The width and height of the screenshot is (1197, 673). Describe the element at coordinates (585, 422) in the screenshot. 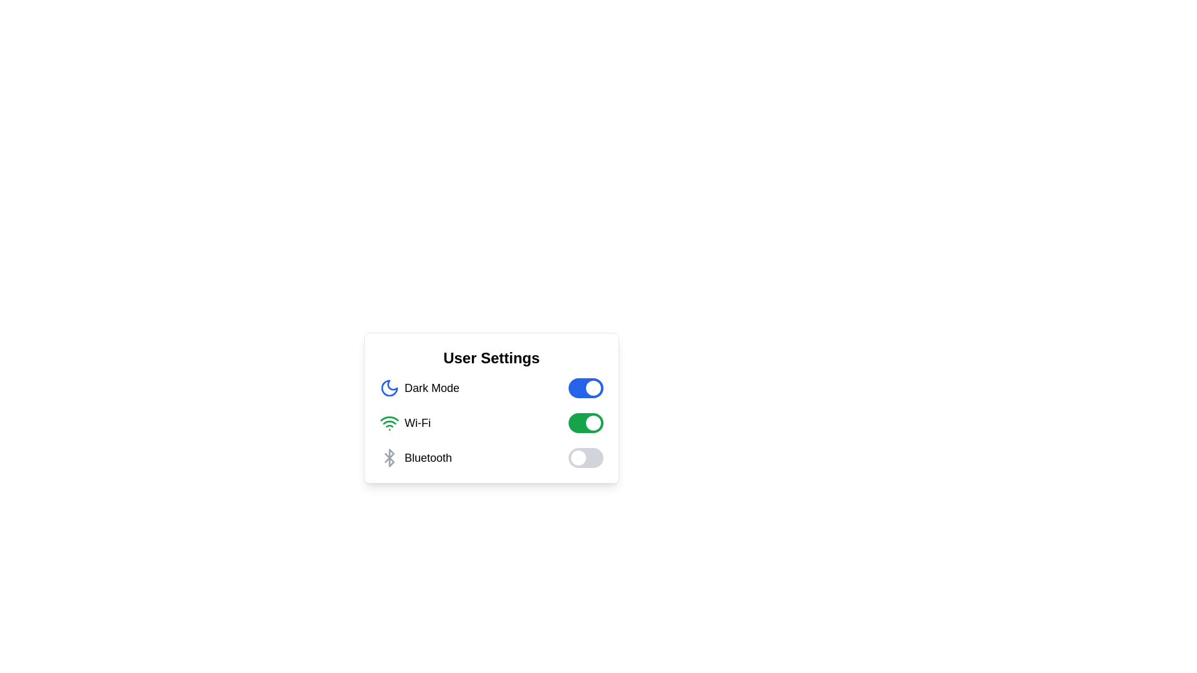

I see `the movable white circular knob of the rounded toggle switch with a green background, located in the second row of the 'User Settings' panel` at that location.